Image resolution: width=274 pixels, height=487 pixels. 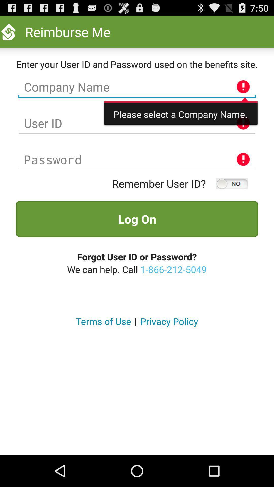 What do you see at coordinates (137, 159) in the screenshot?
I see `the password` at bounding box center [137, 159].